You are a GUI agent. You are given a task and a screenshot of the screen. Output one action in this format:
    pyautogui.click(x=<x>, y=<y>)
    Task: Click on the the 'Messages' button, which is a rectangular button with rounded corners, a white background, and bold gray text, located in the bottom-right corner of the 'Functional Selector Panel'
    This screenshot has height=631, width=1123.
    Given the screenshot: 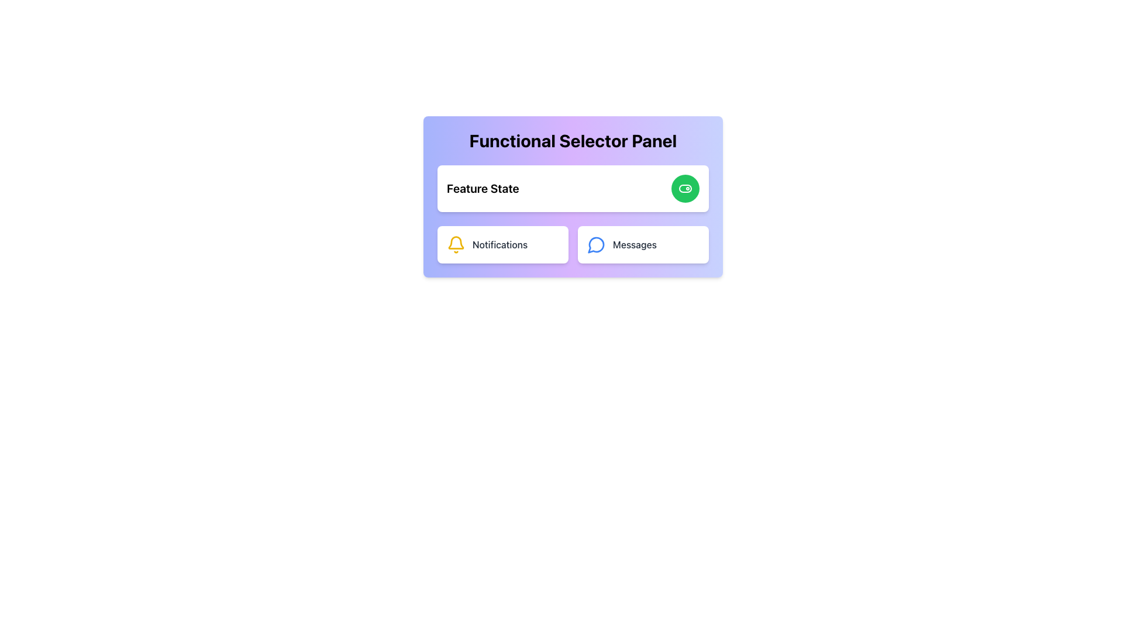 What is the action you would take?
    pyautogui.click(x=642, y=244)
    